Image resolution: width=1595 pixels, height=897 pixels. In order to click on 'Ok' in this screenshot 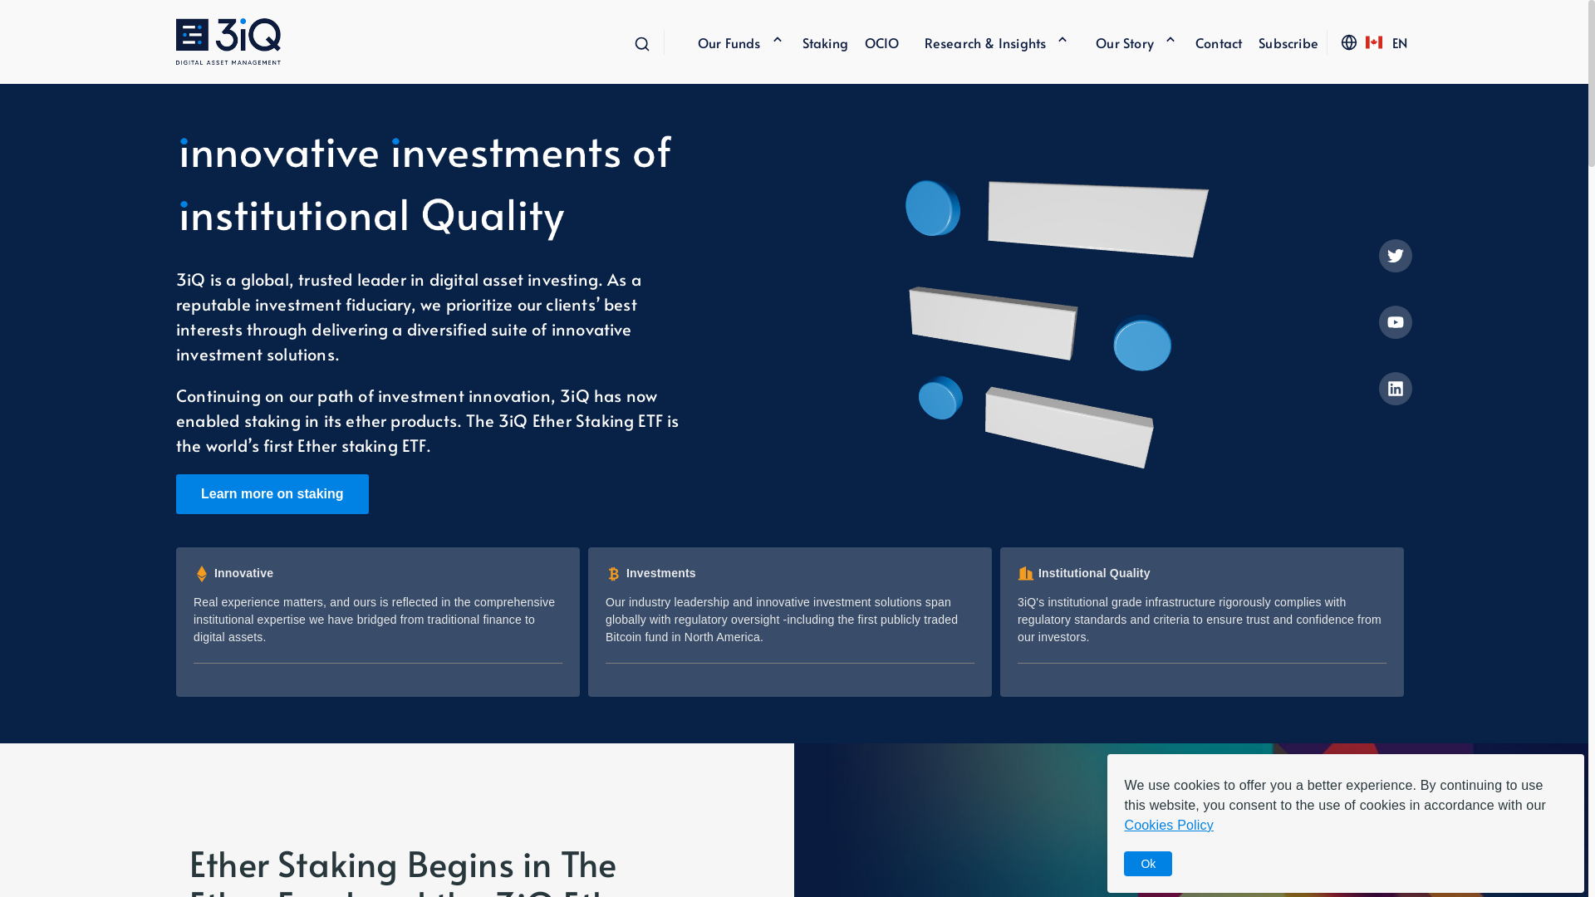, I will do `click(1147, 863)`.